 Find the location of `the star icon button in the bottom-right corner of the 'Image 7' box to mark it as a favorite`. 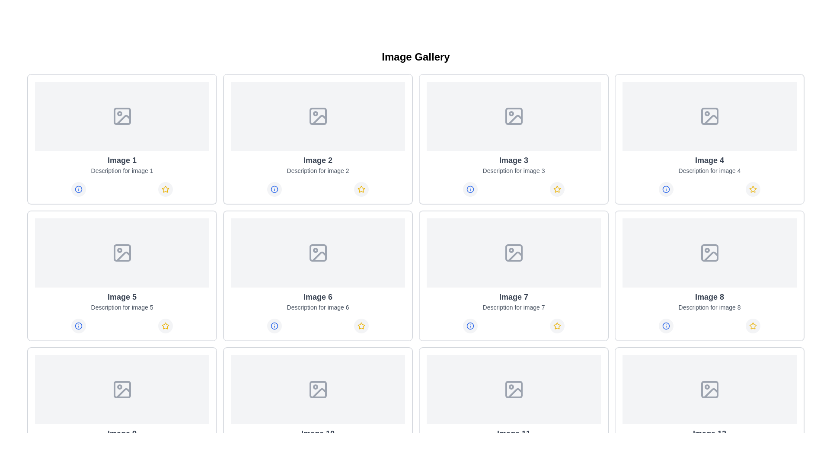

the star icon button in the bottom-right corner of the 'Image 7' box to mark it as a favorite is located at coordinates (557, 326).